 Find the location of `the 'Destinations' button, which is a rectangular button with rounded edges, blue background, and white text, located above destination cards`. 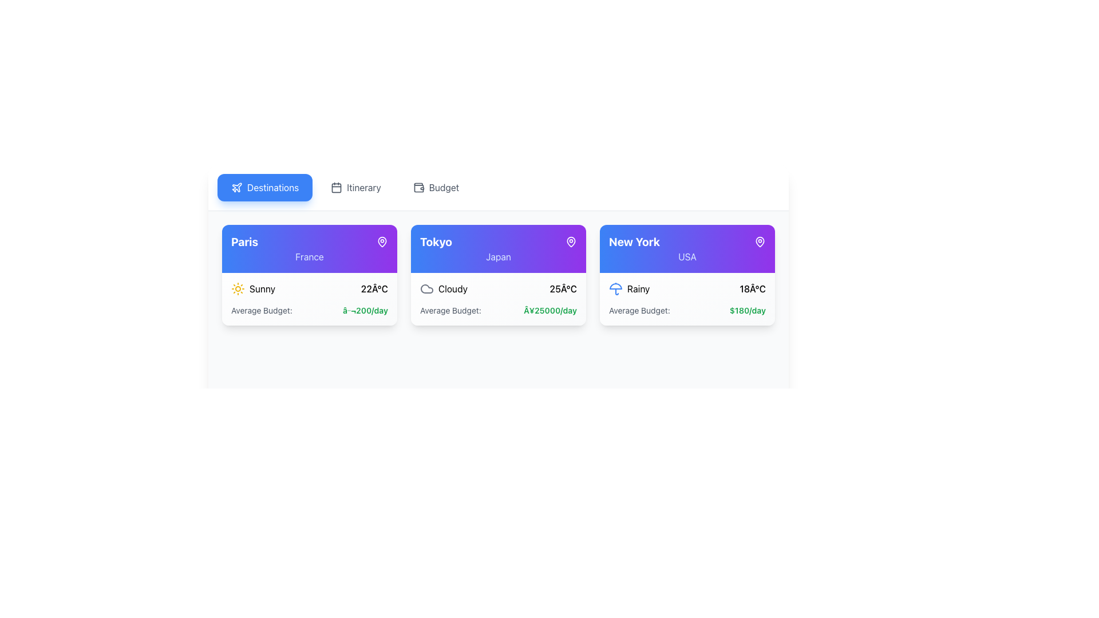

the 'Destinations' button, which is a rectangular button with rounded edges, blue background, and white text, located above destination cards is located at coordinates (264, 187).